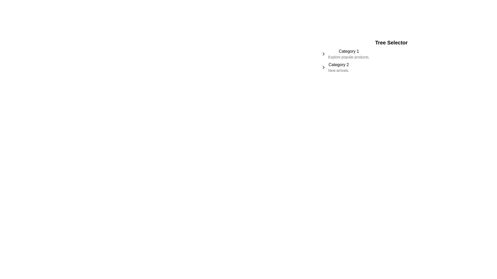 Image resolution: width=497 pixels, height=279 pixels. I want to click on the text label that reads 'Explore popular products.' which is styled with a small font size and gray color, positioned directly below 'Category 1.', so click(349, 57).